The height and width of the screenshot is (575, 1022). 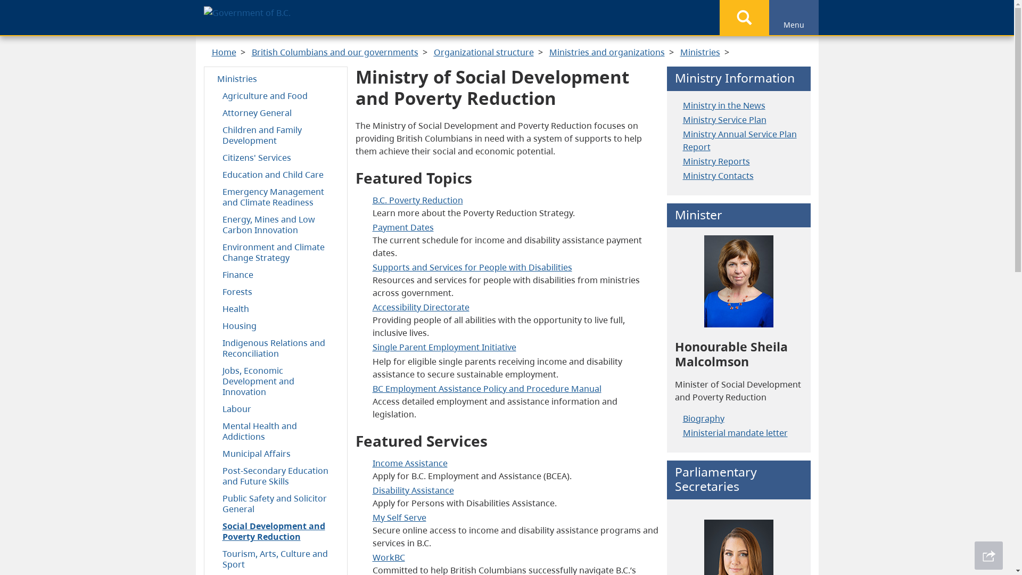 I want to click on 'Share This Page', so click(x=988, y=555).